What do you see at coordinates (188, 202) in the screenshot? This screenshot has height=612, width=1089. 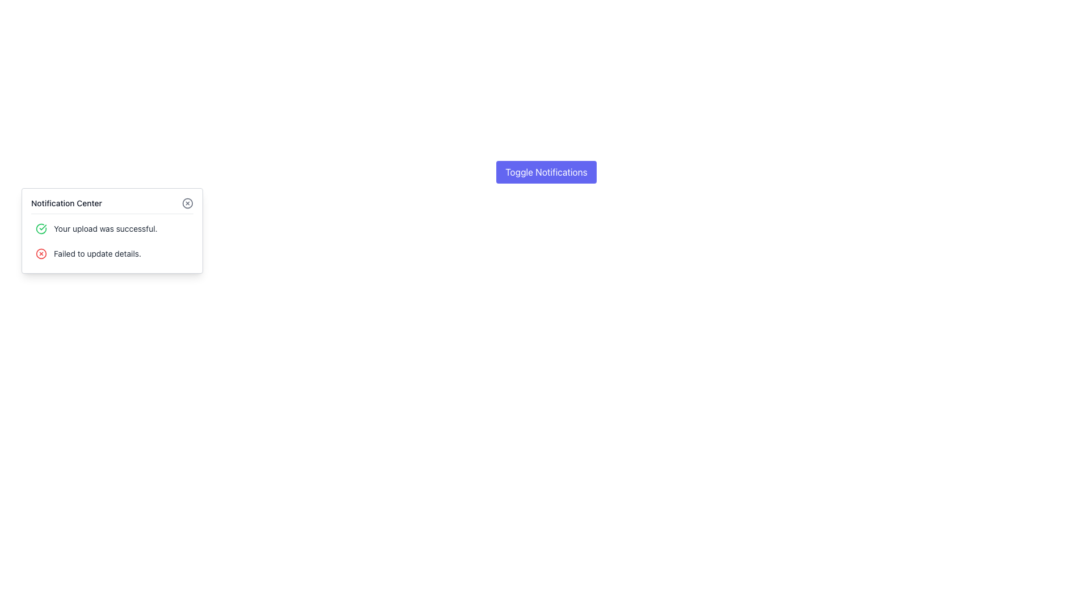 I see `the circular close button with a small 'x' in the center, located at the upper-right corner of the Notification Center header` at bounding box center [188, 202].